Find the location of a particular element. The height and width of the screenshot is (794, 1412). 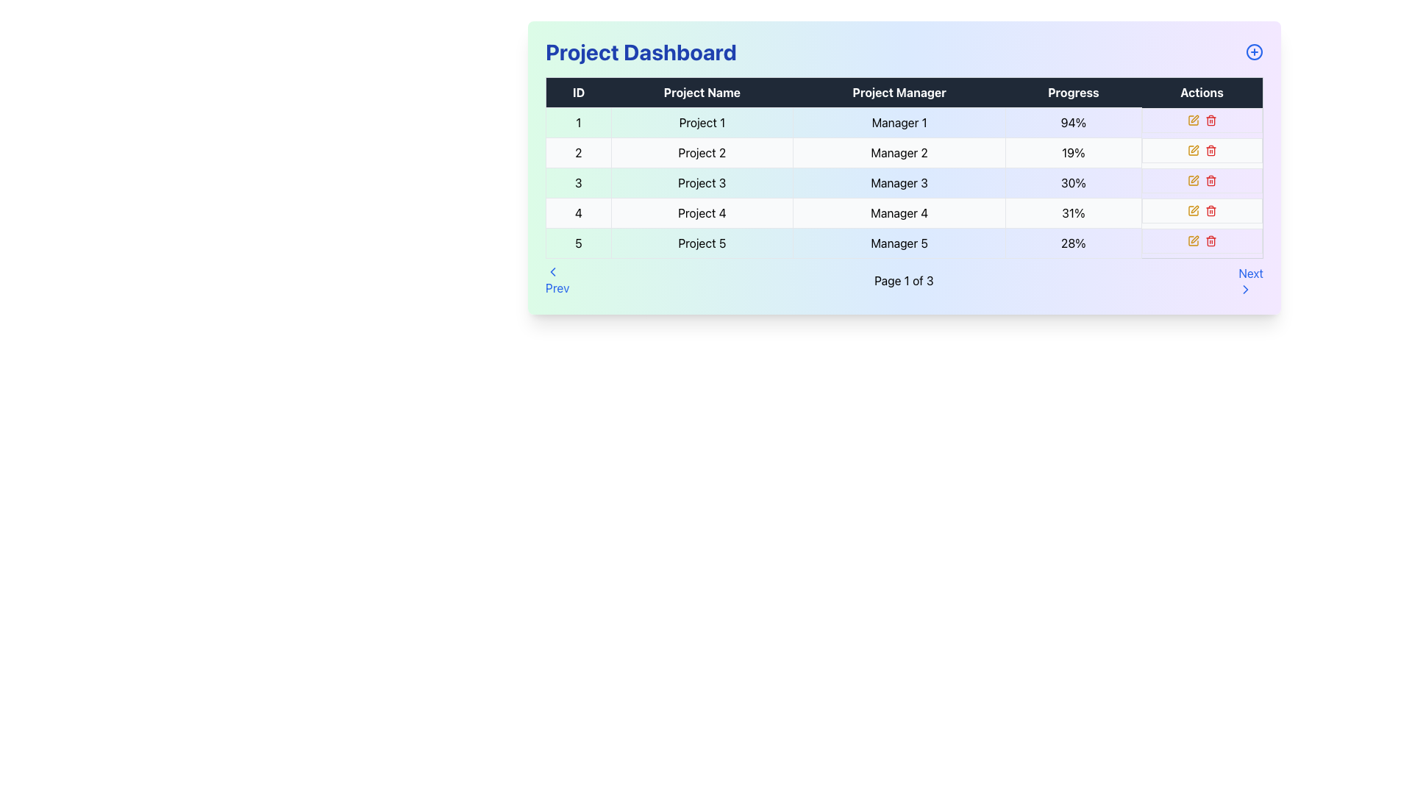

information of the column titles from the header row of the table, which includes 'ID', 'Project Name', 'Project Manager', 'Progress', and 'Actions' is located at coordinates (903, 93).